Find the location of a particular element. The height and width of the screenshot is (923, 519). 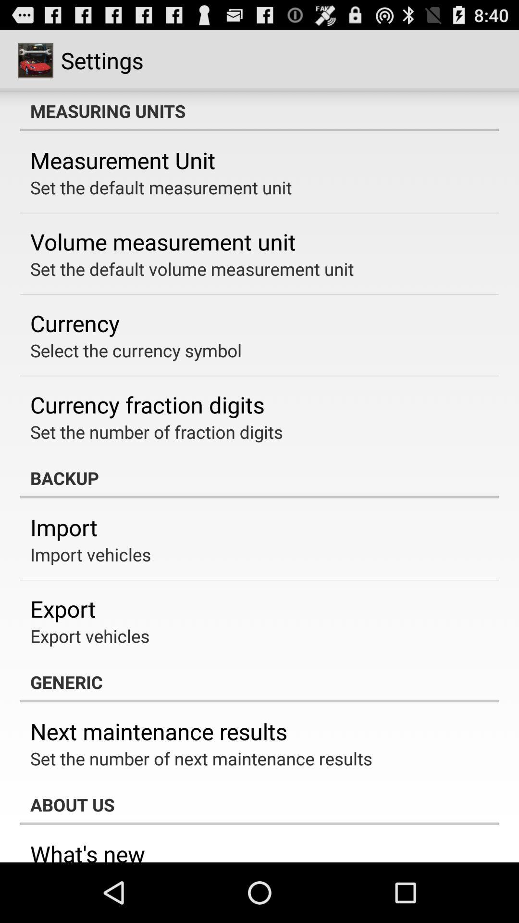

the select the currency item is located at coordinates (136, 350).